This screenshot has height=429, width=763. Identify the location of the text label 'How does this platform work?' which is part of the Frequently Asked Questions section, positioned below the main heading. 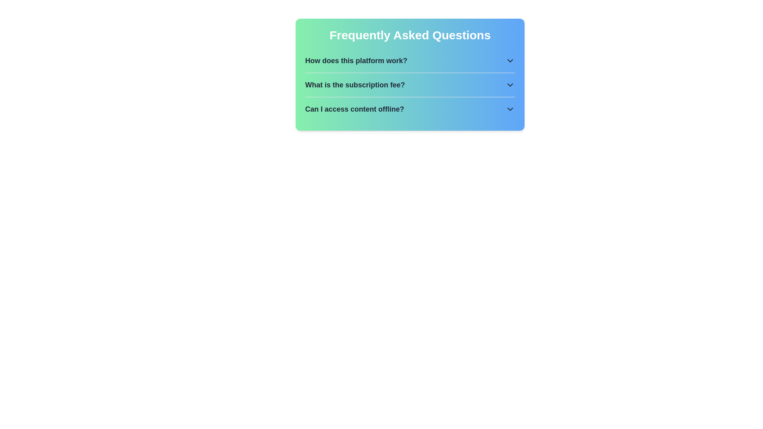
(356, 60).